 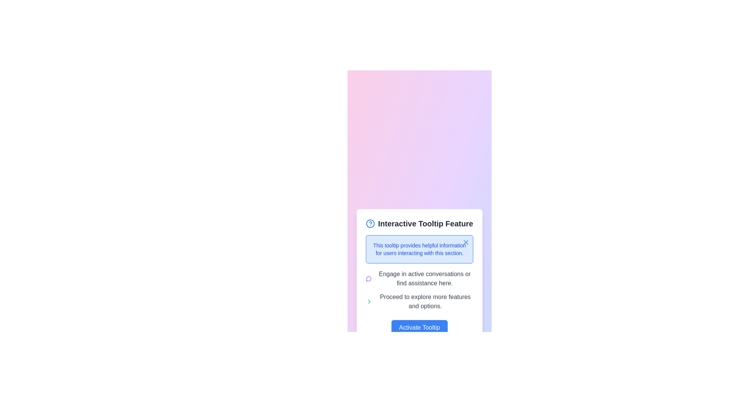 What do you see at coordinates (369, 301) in the screenshot?
I see `the green rightward chevron icon, which is a small triangular-arrow shape outlined in green, positioned to the left of the text 'Proceed to explore more features and options.'` at bounding box center [369, 301].